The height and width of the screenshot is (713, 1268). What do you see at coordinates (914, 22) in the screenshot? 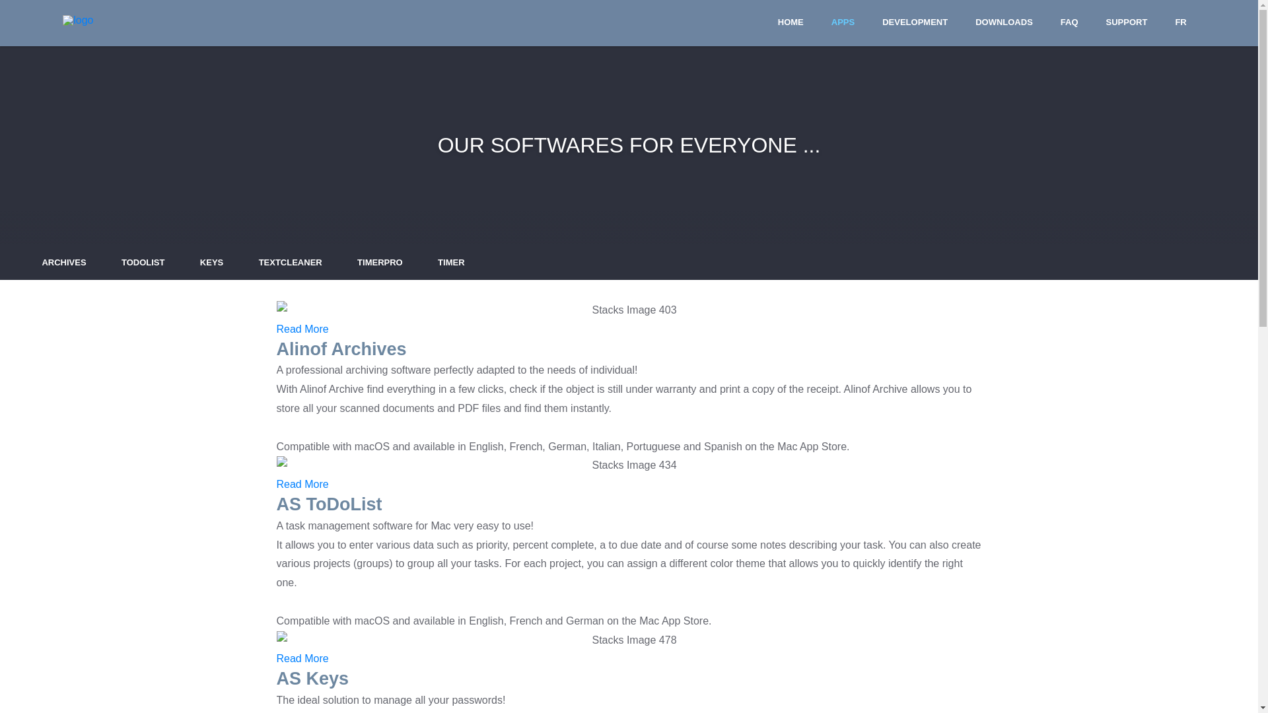
I see `'DEVELOPMENT'` at bounding box center [914, 22].